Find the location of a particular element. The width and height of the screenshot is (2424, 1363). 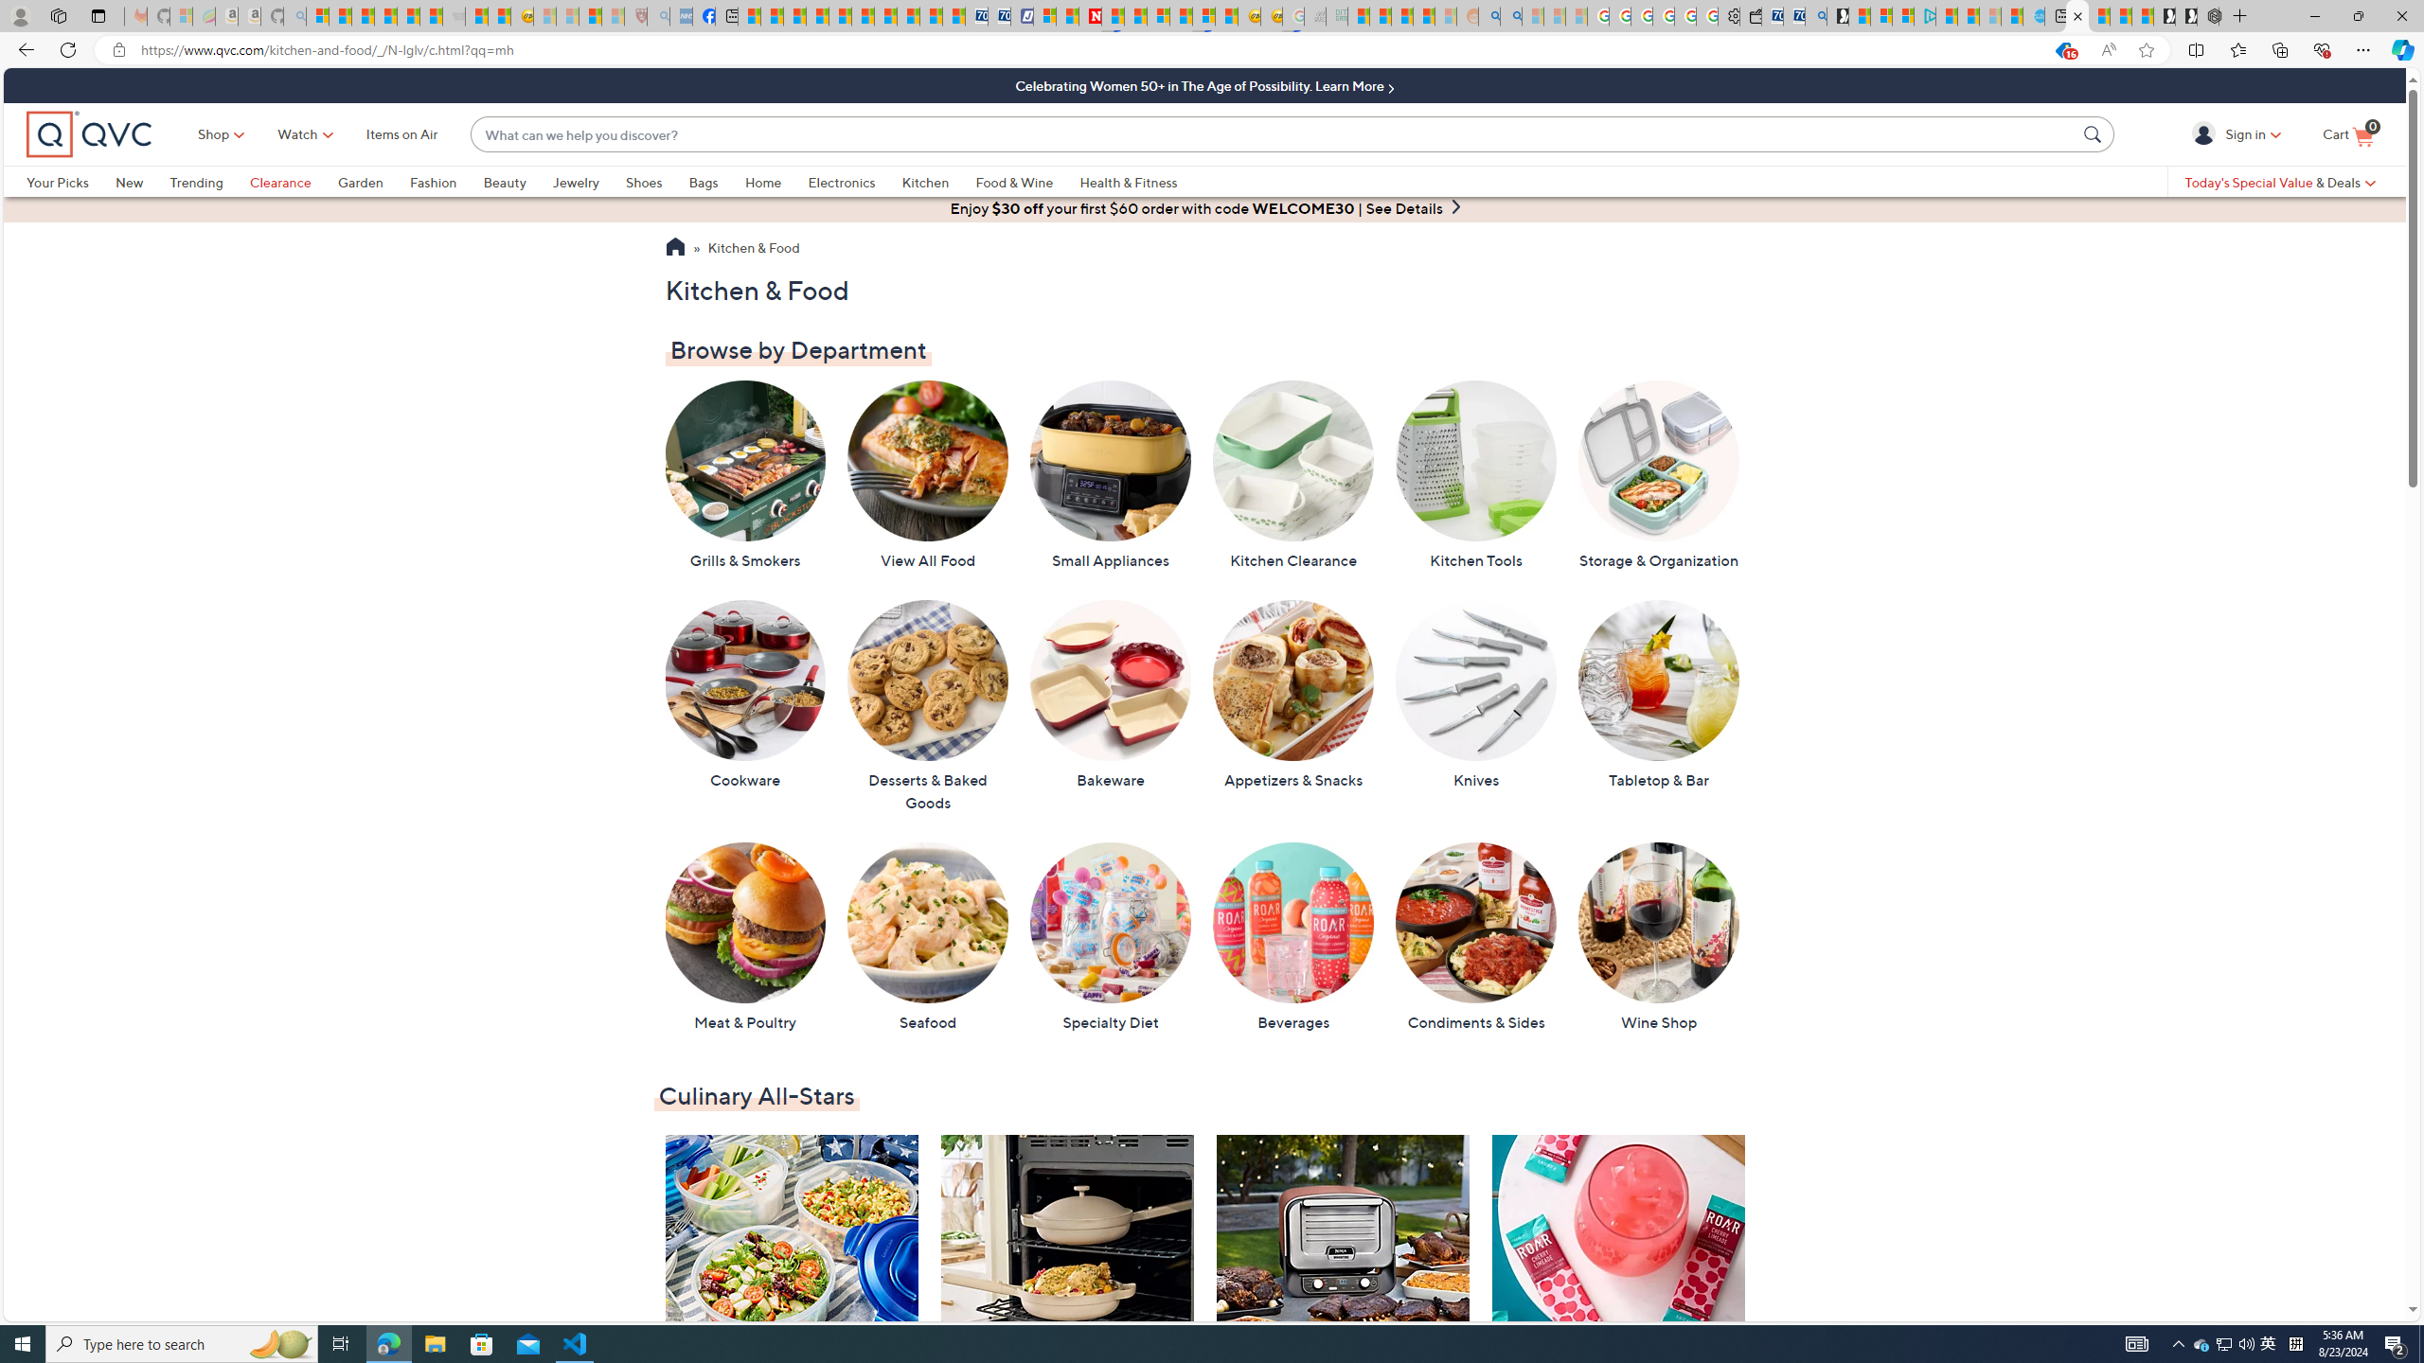

'Garden' is located at coordinates (359, 181).